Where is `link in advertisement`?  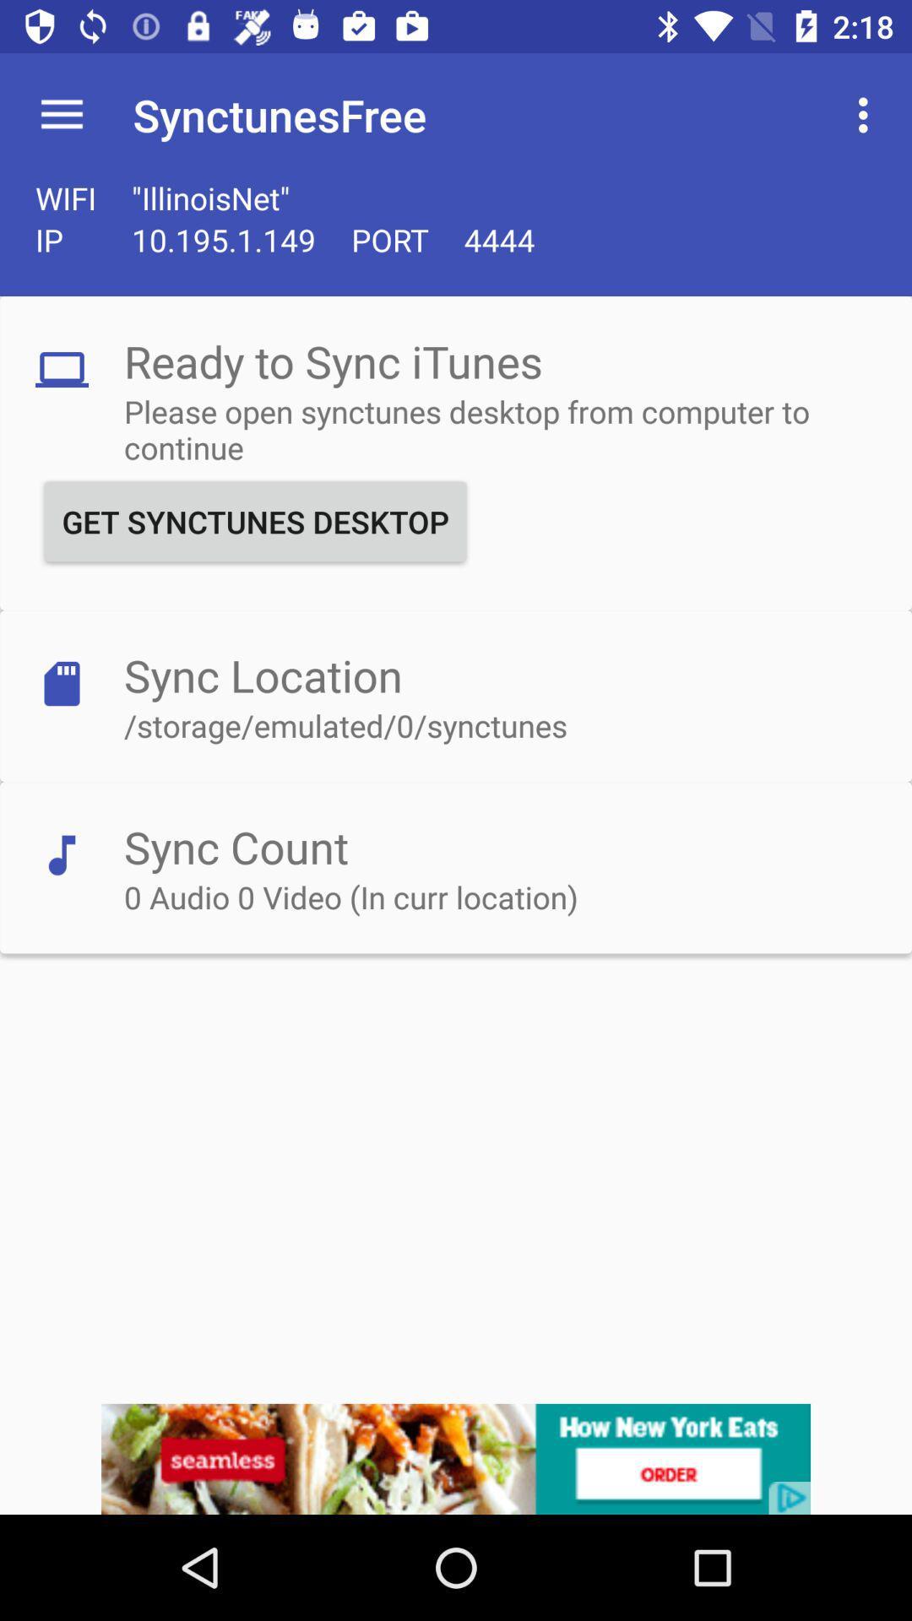
link in advertisement is located at coordinates (456, 1458).